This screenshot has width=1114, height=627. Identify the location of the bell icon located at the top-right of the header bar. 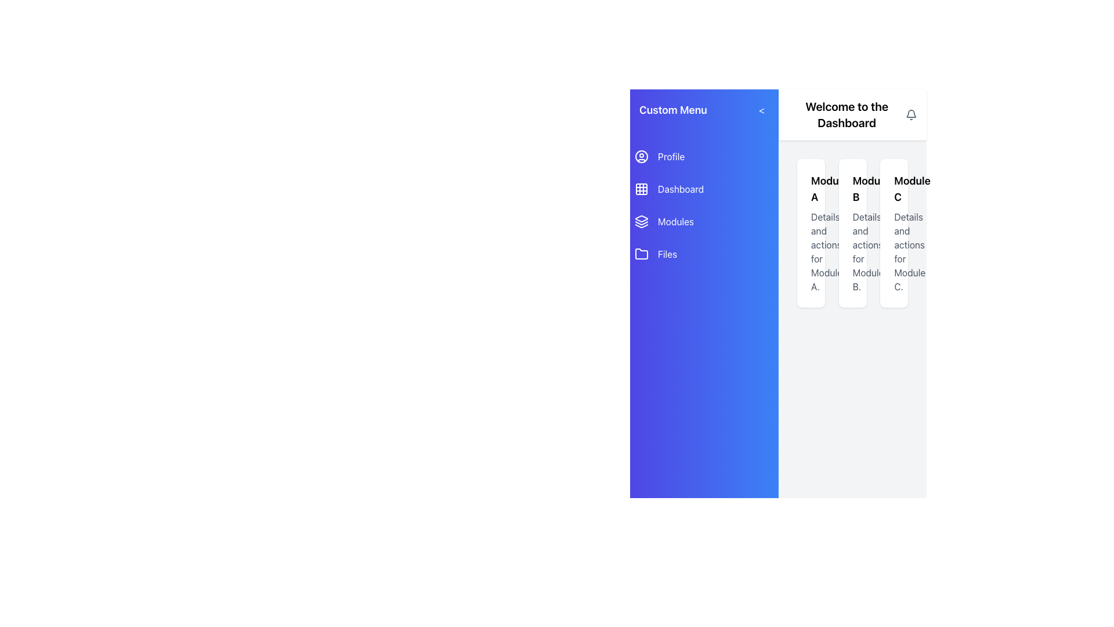
(911, 114).